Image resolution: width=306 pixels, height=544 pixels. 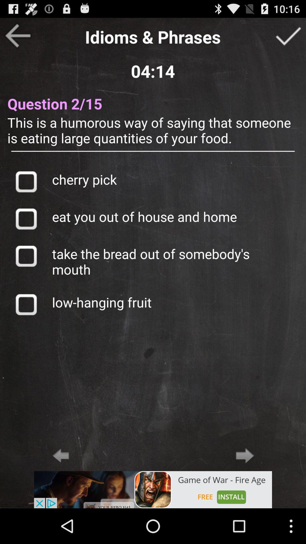 What do you see at coordinates (26, 218) in the screenshot?
I see `the box which is left side of the text eat you out of house and home` at bounding box center [26, 218].